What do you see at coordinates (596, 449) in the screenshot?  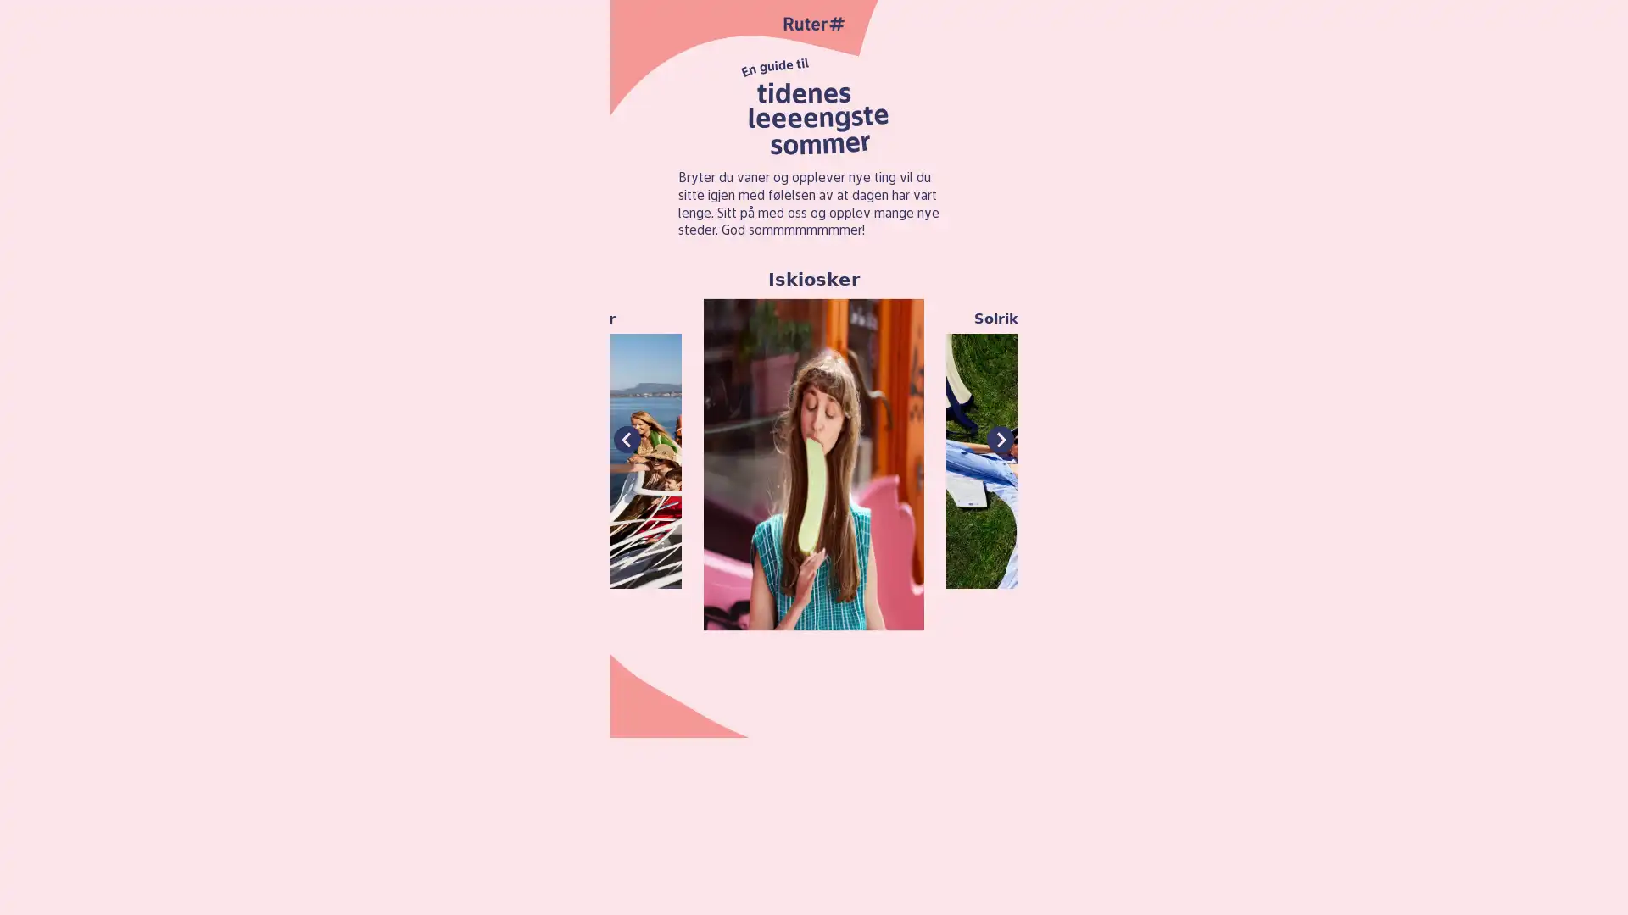 I see `yer` at bounding box center [596, 449].